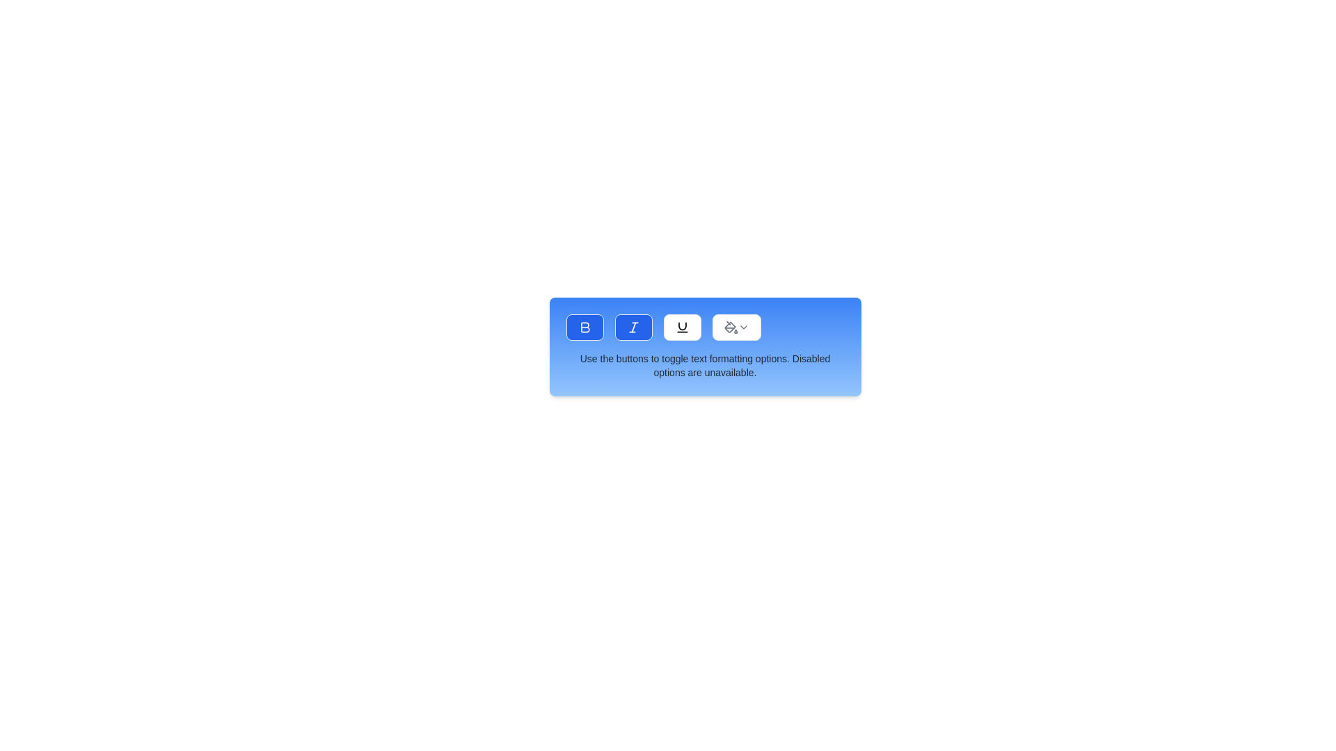 The height and width of the screenshot is (751, 1336). Describe the element at coordinates (682, 327) in the screenshot. I see `the Icon button that toggles underlining text in the formatting toolbar` at that location.